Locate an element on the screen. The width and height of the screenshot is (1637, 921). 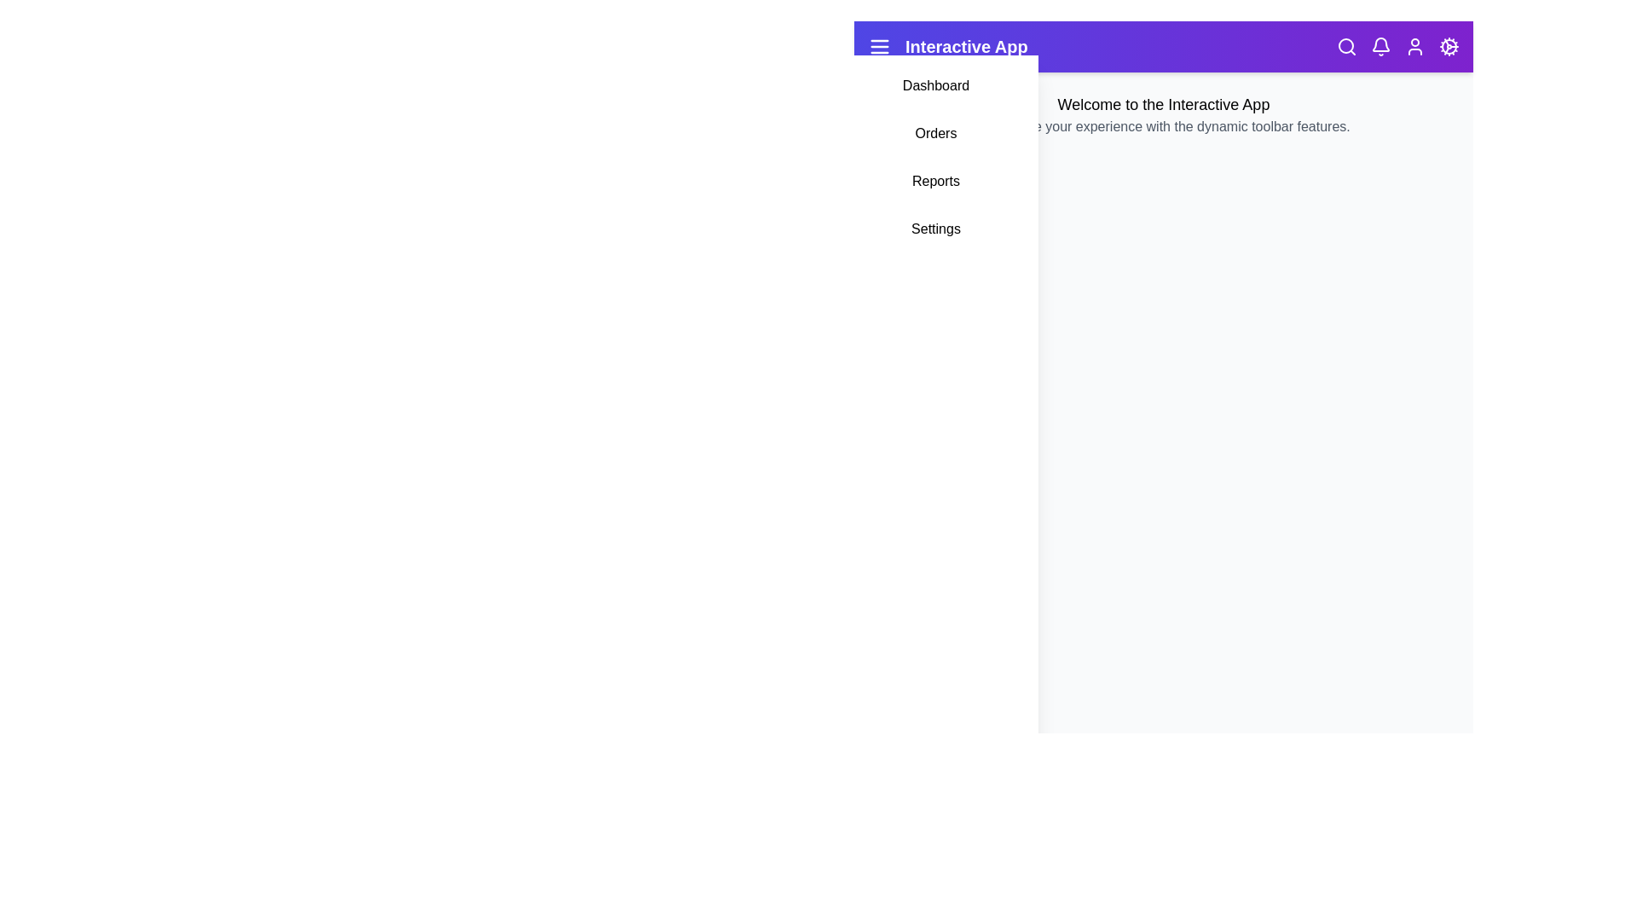
the user profile icon is located at coordinates (1415, 45).